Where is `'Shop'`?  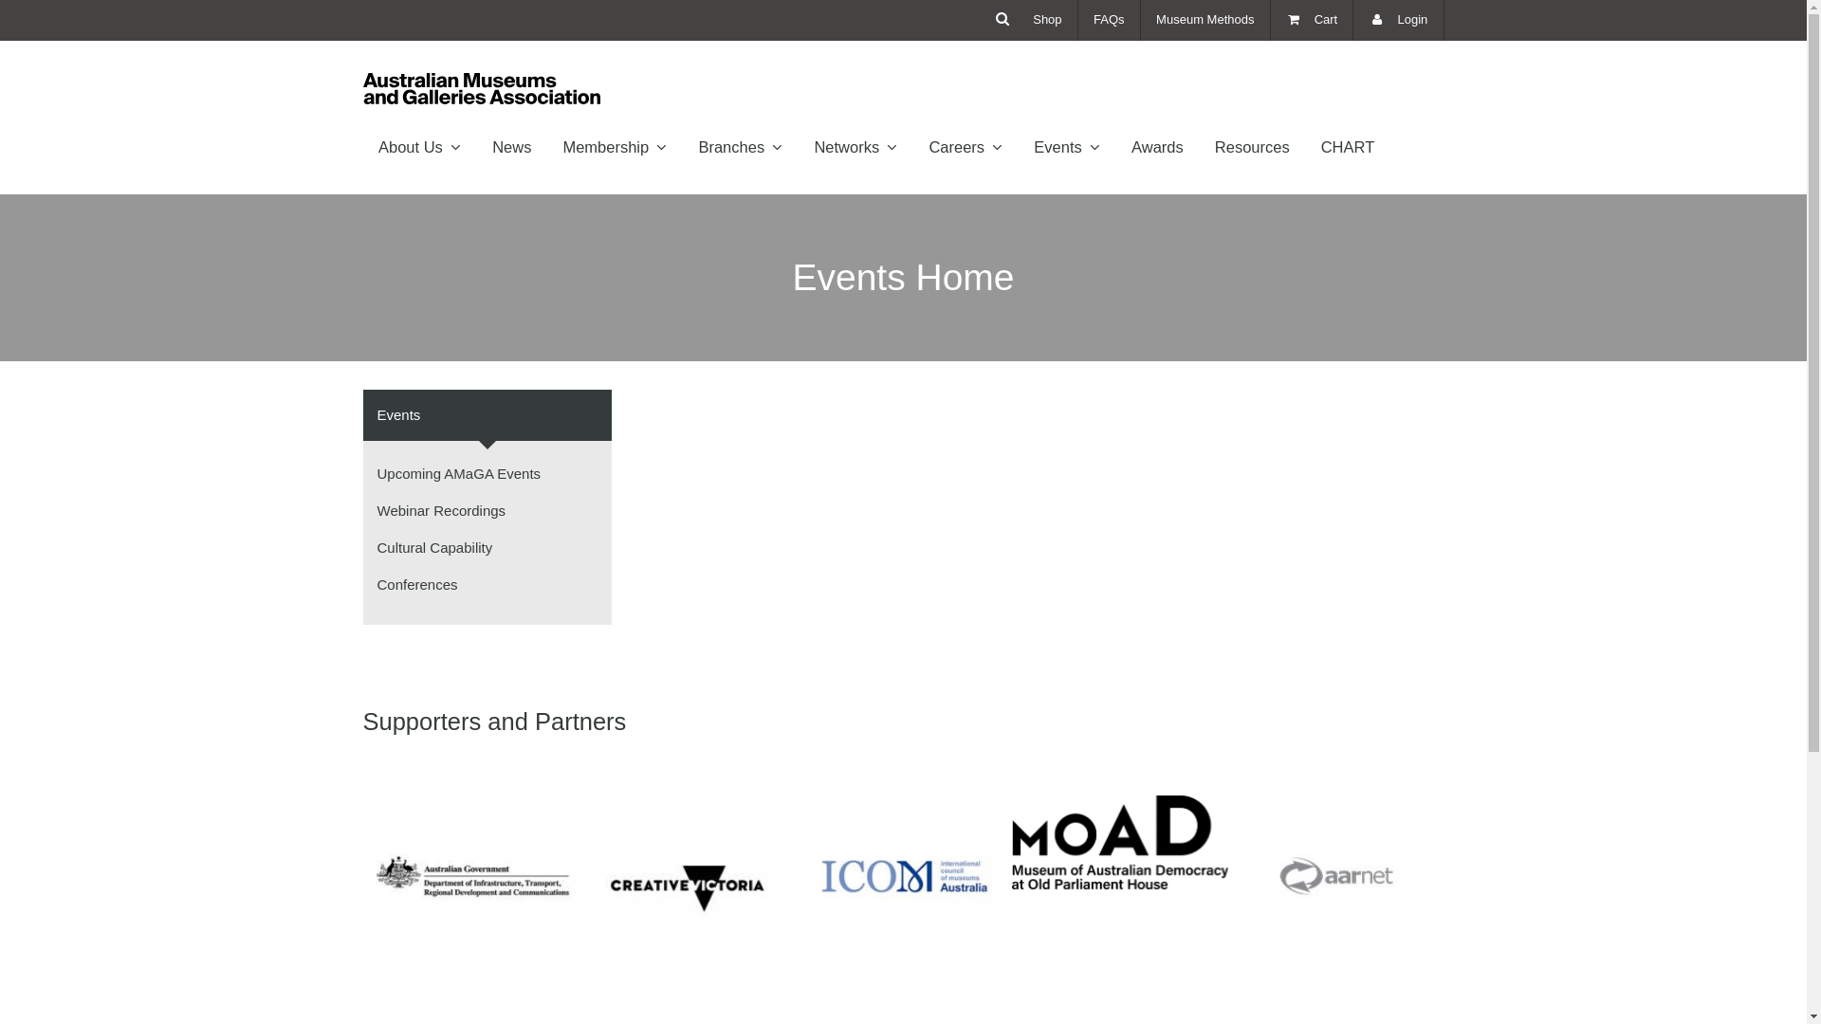
'Shop' is located at coordinates (1046, 20).